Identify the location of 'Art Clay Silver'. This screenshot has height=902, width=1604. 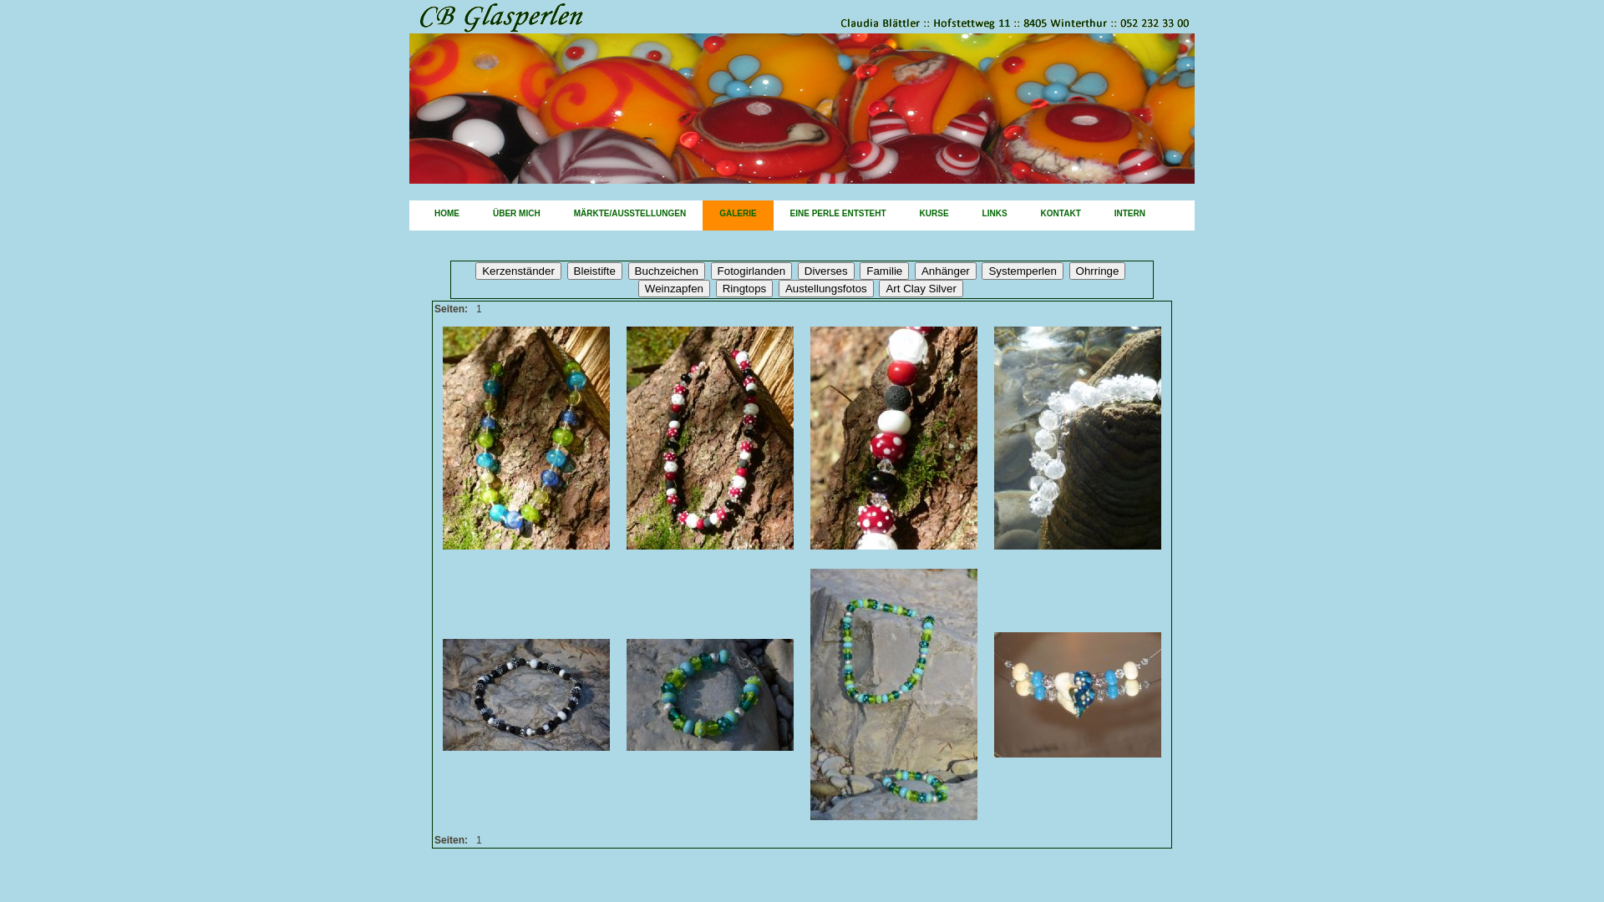
(920, 287).